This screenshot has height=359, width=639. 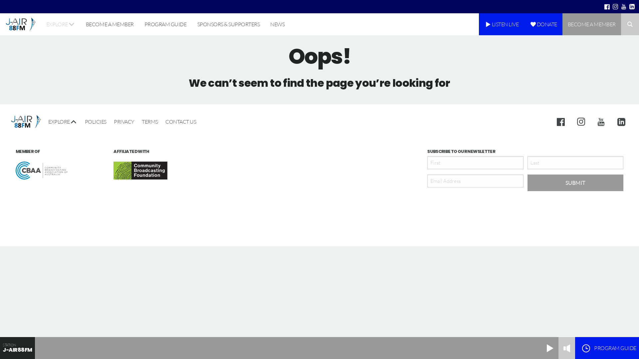 What do you see at coordinates (110, 24) in the screenshot?
I see `'BECOME A MEMBER'` at bounding box center [110, 24].